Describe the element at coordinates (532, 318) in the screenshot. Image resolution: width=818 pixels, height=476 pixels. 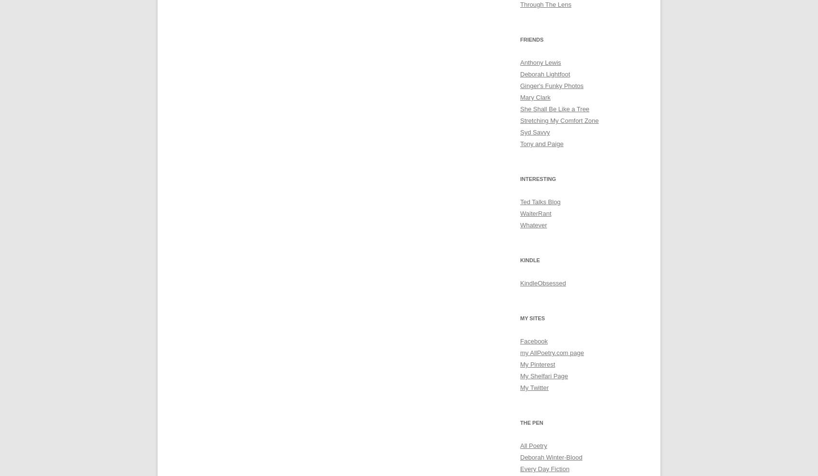
I see `'My Sites'` at that location.